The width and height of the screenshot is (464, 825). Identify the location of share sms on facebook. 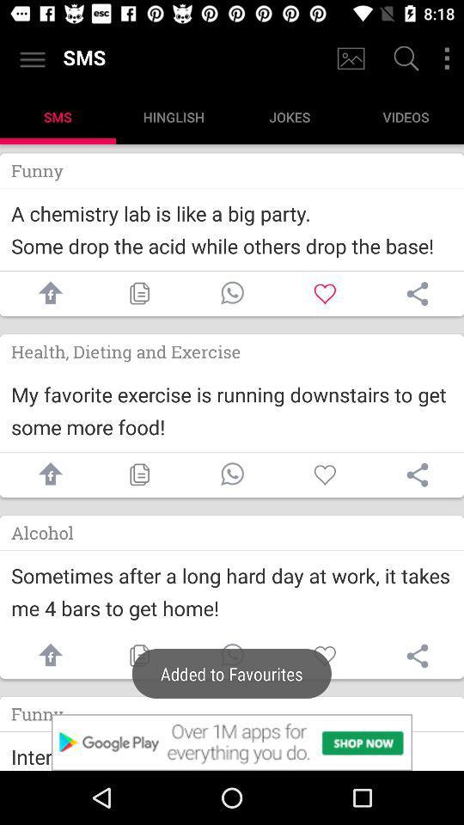
(46, 474).